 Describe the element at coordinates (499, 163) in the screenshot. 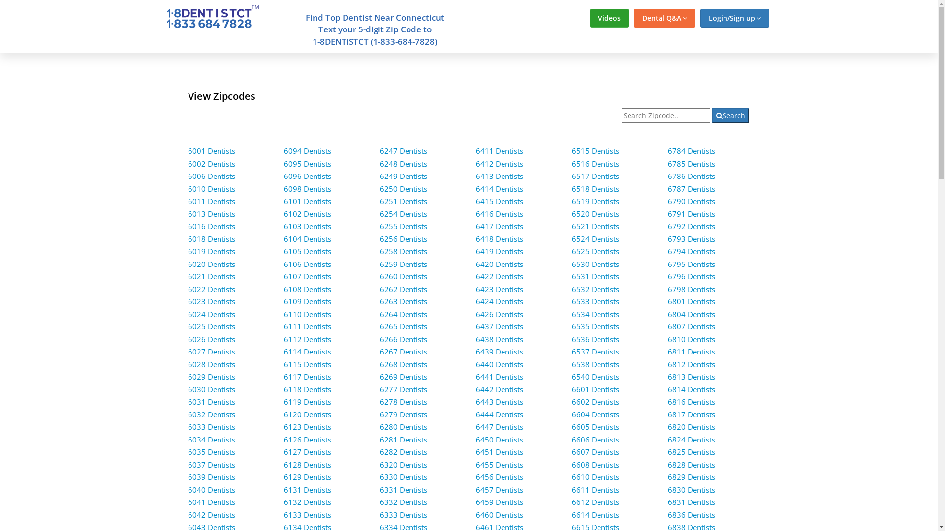

I see `'6412 Dentists'` at that location.